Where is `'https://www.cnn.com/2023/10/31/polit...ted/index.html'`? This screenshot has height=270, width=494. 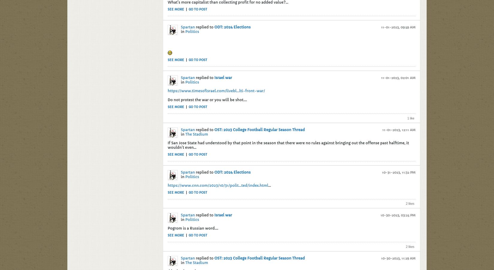 'https://www.cnn.com/2023/10/31/polit...ted/index.html' is located at coordinates (217, 185).